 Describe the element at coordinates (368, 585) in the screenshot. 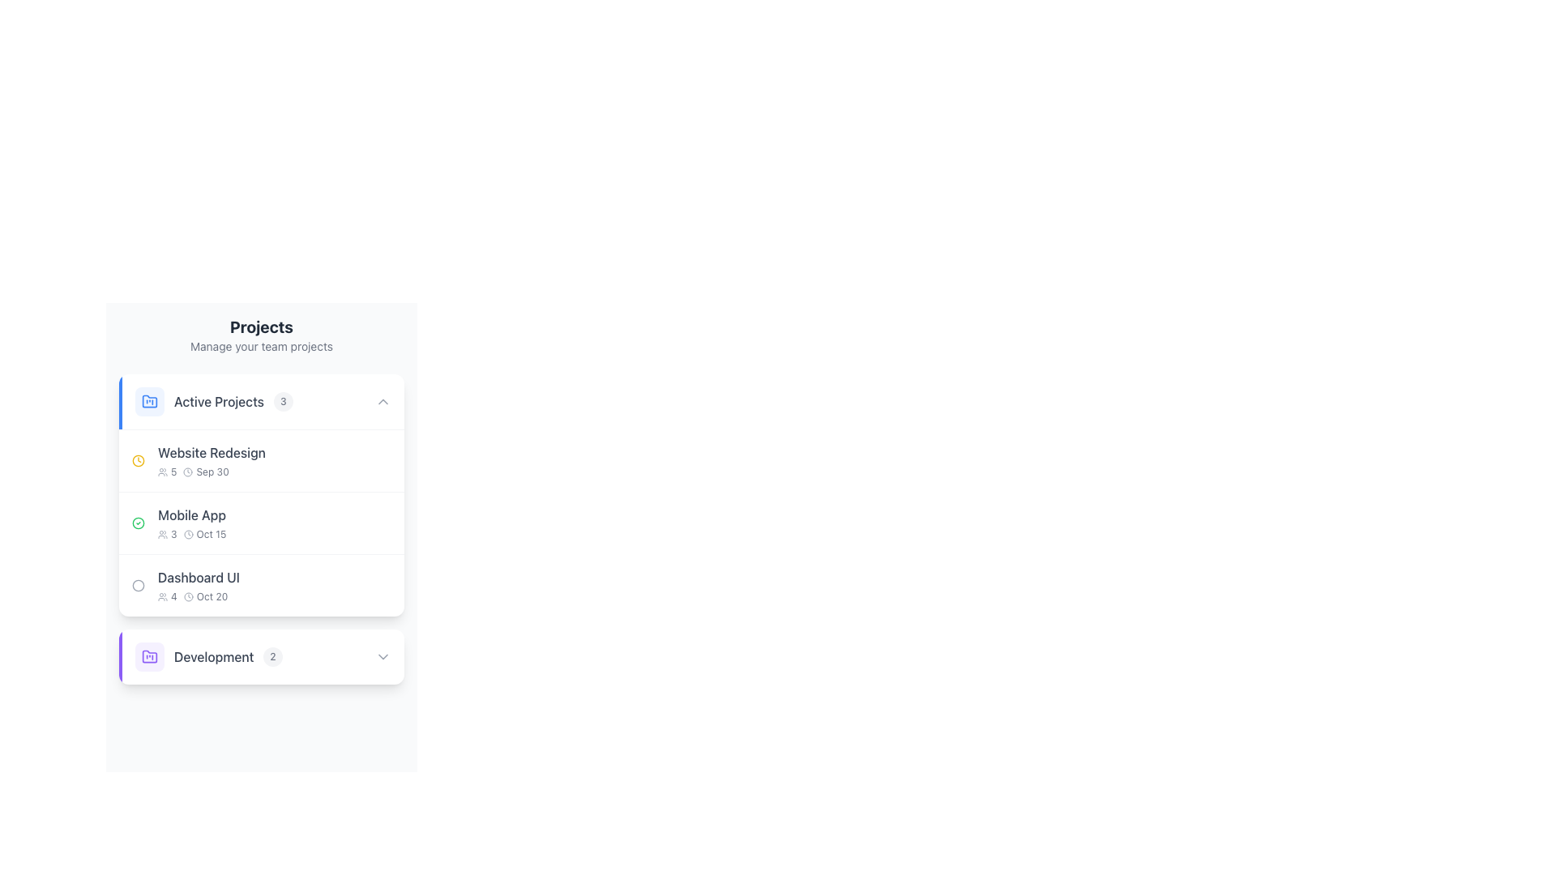

I see `the interactive component with icons associated with the 'Dashboard UI 4 Oct 20' list entry` at that location.